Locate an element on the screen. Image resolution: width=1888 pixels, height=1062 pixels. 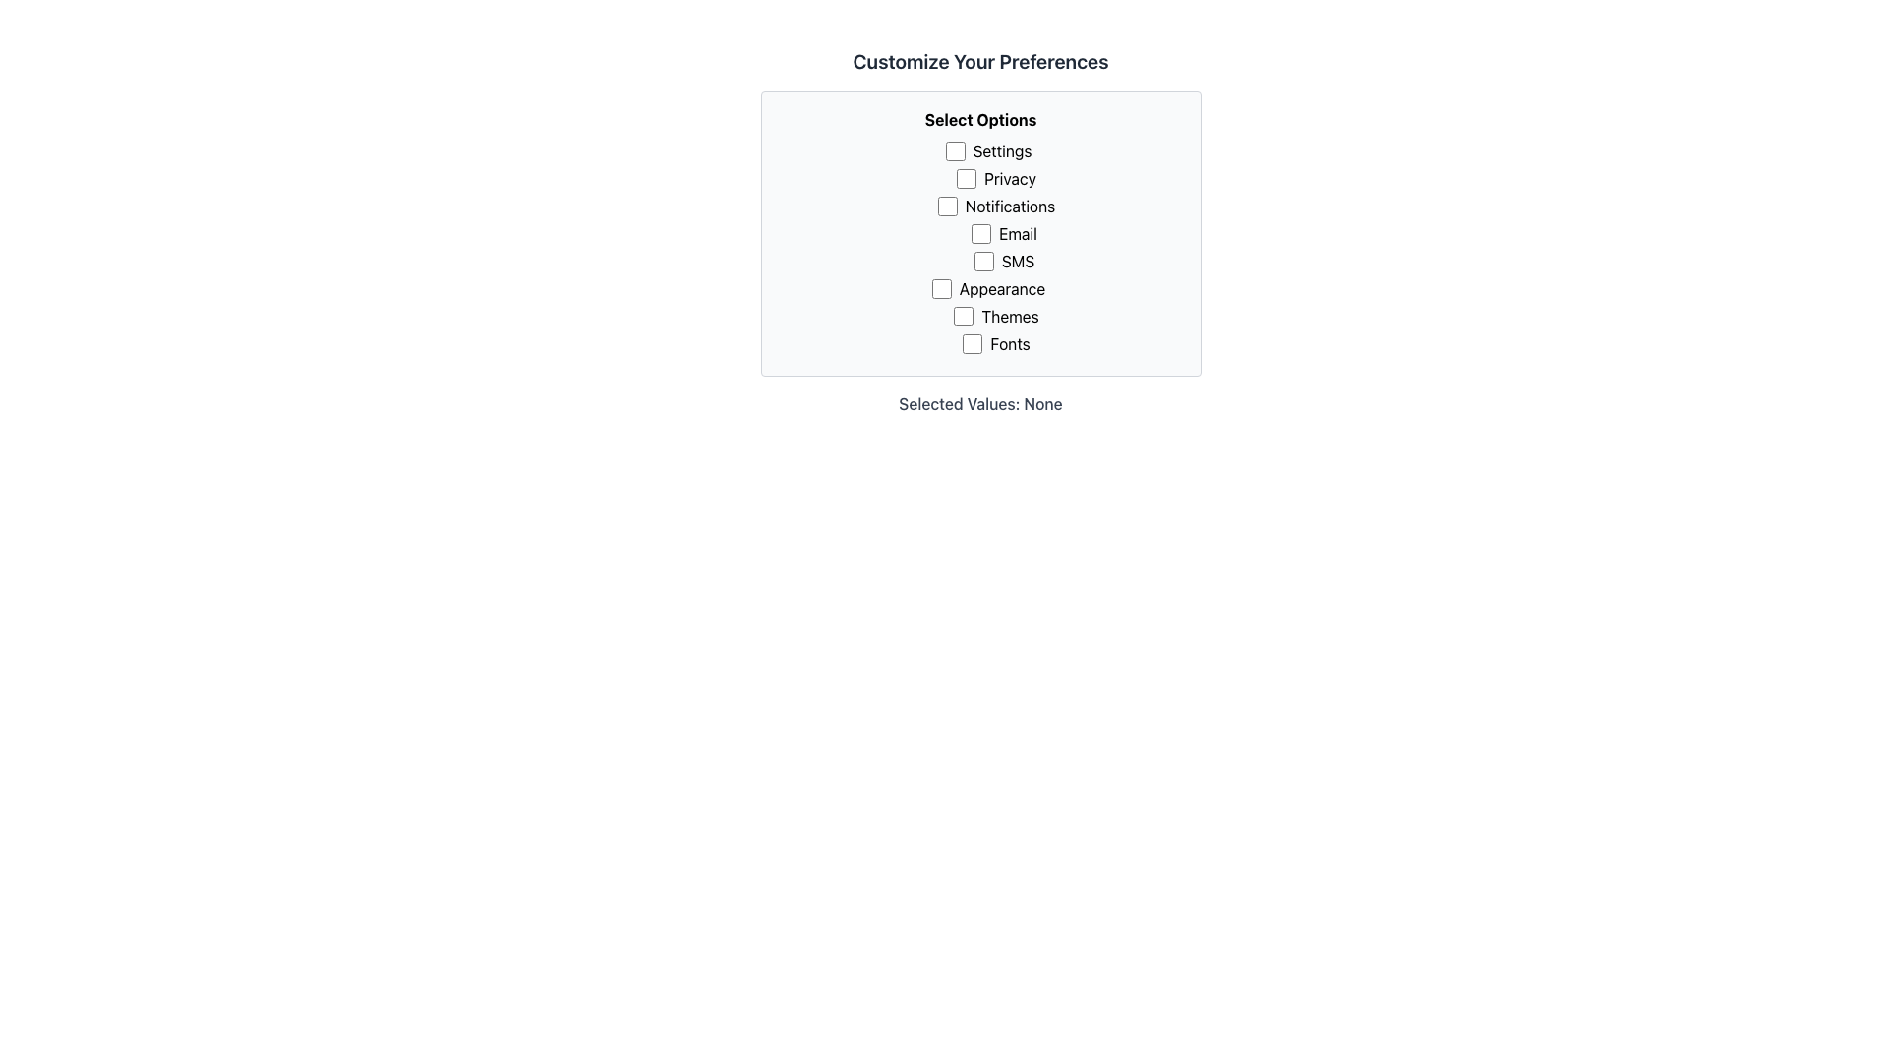
text label displaying 'Themes' located in the middle right section of the interface within the 'Appearance' options group, positioned below 'Appearance' and above 'Fonts' is located at coordinates (996, 318).